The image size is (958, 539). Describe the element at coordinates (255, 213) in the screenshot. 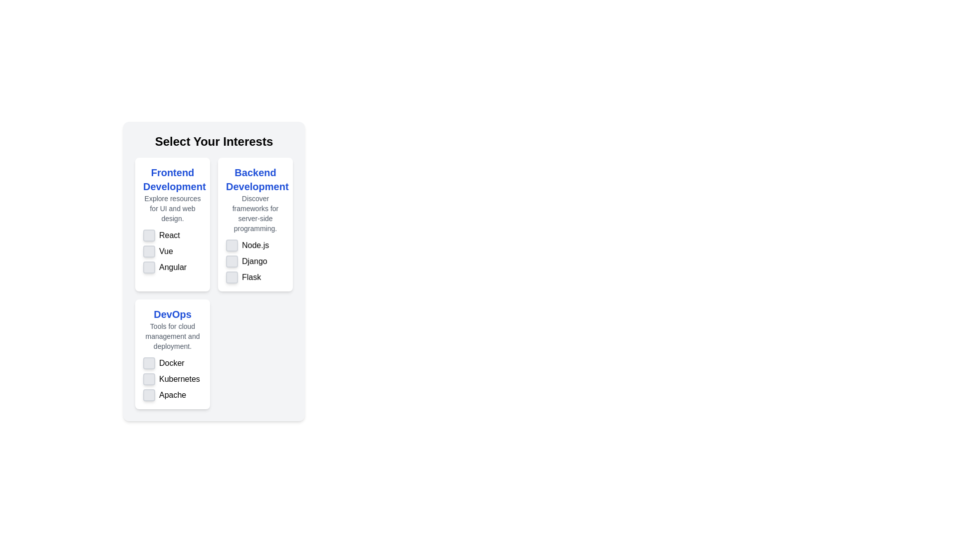

I see `descriptive text located directly beneath the 'Backend Development' title in the middle column of the three-column layout` at that location.